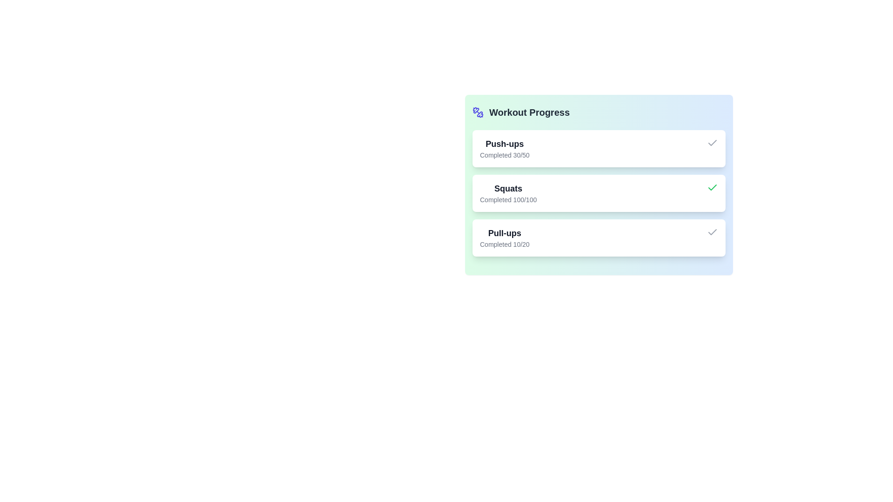  Describe the element at coordinates (712, 143) in the screenshot. I see `the visual state of the checkmark icon indicating the completion of the 'Squats' task in the 'Workout Progress' section` at that location.